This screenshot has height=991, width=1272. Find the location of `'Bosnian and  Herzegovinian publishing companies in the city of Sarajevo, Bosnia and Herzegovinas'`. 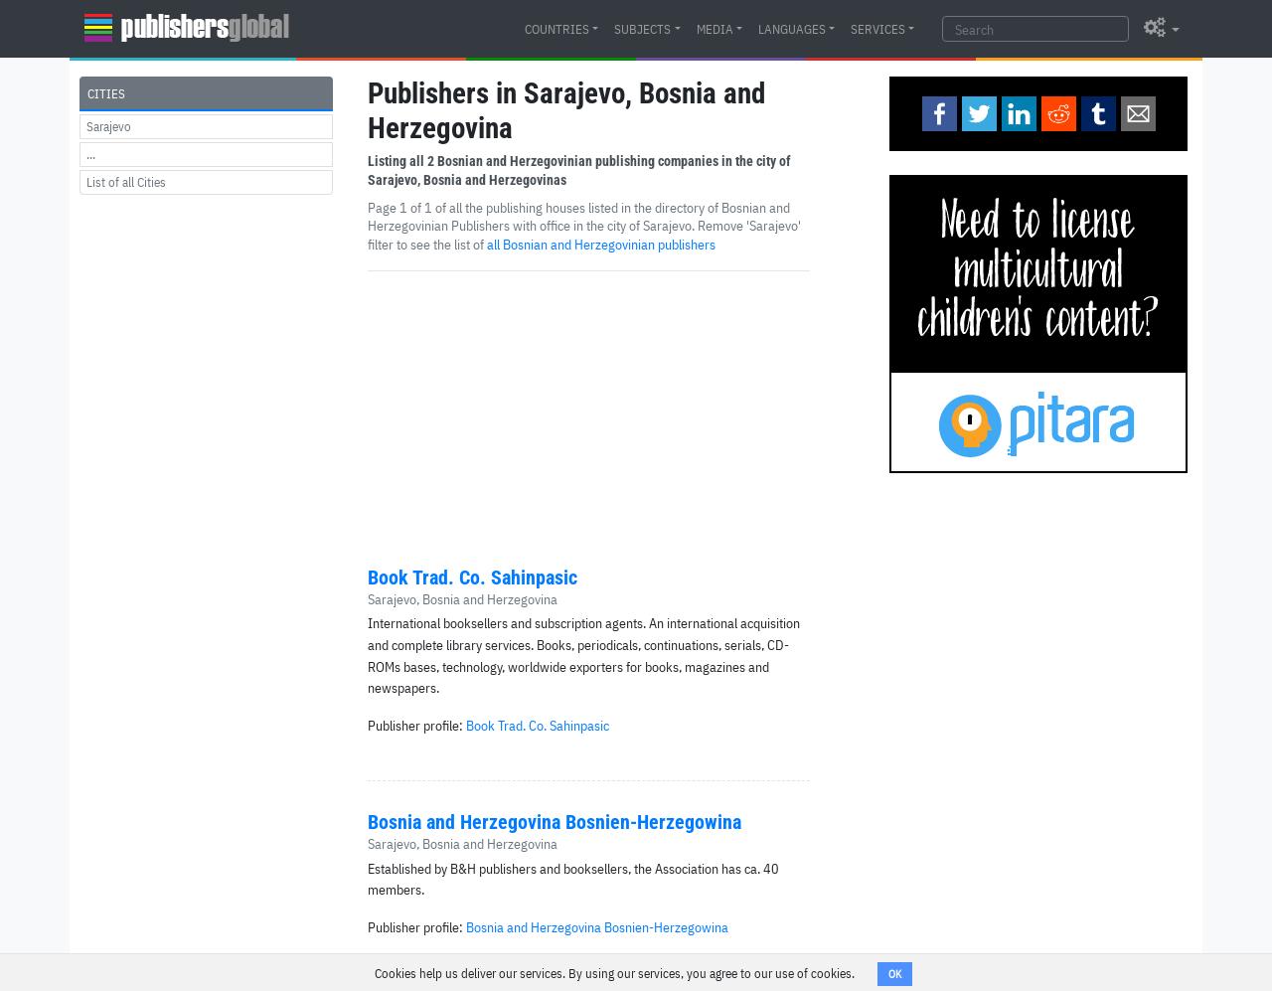

'Bosnian and  Herzegovinian publishing companies in the city of Sarajevo, Bosnia and Herzegovinas' is located at coordinates (578, 169).